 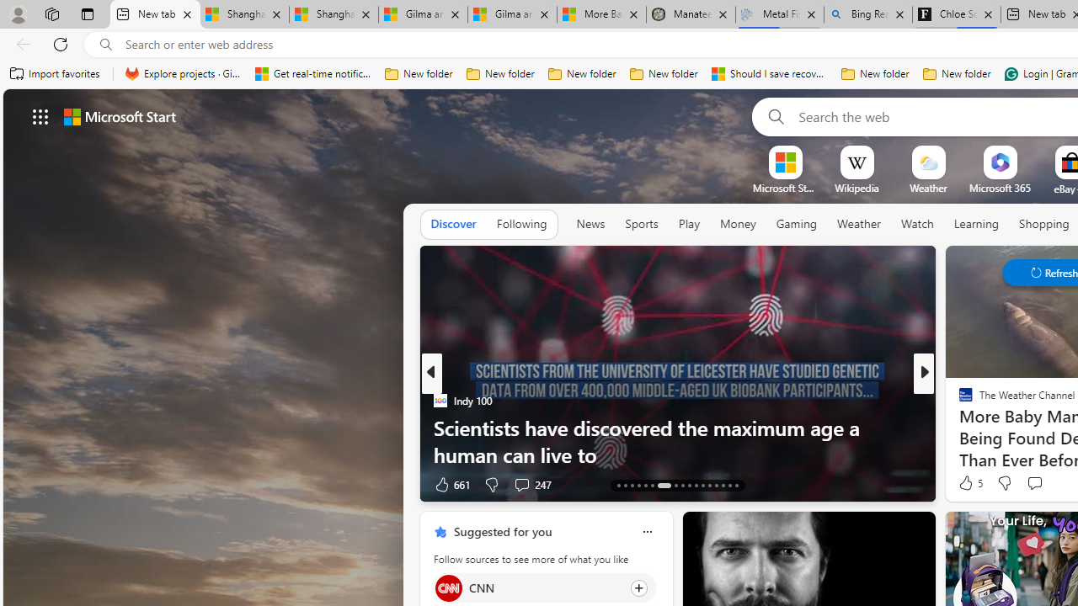 What do you see at coordinates (958, 426) in the screenshot?
I see `'Yumophile'` at bounding box center [958, 426].